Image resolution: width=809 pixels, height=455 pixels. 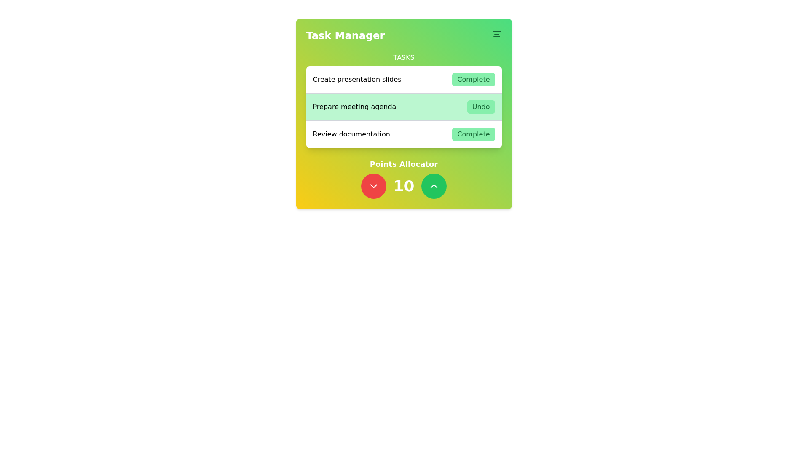 What do you see at coordinates (496, 34) in the screenshot?
I see `the SVG graphical icon in the header section of the Task Manager card, located at the top-right corner, which may represent alignment-related options` at bounding box center [496, 34].